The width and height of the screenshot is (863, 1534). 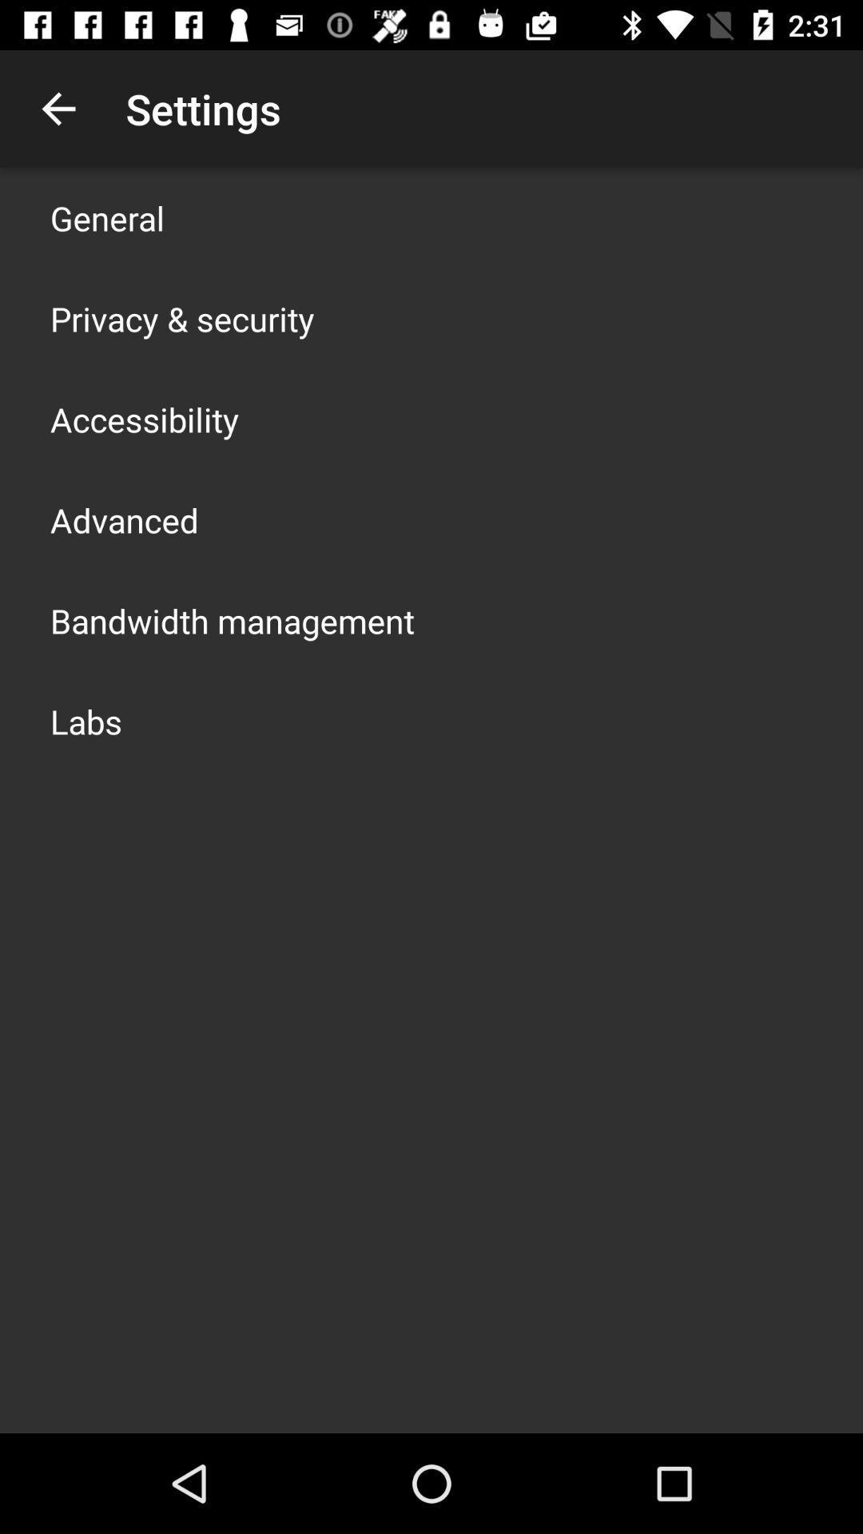 What do you see at coordinates (181, 318) in the screenshot?
I see `the item below the general` at bounding box center [181, 318].